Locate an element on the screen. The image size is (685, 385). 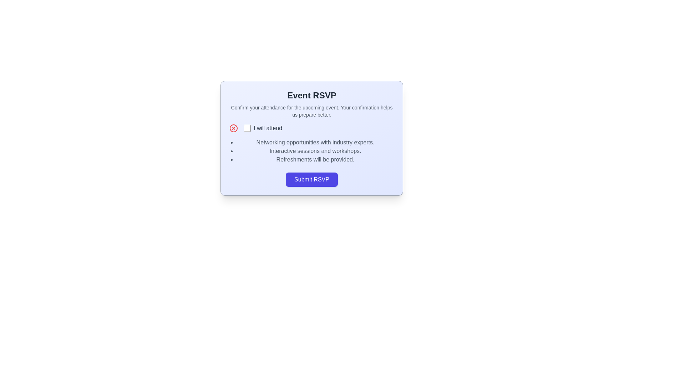
the SVG circle element that visually represents a selection or marking a negative action associated with the 'I will attend' message, located to the left of the checkbox is located at coordinates (233, 128).